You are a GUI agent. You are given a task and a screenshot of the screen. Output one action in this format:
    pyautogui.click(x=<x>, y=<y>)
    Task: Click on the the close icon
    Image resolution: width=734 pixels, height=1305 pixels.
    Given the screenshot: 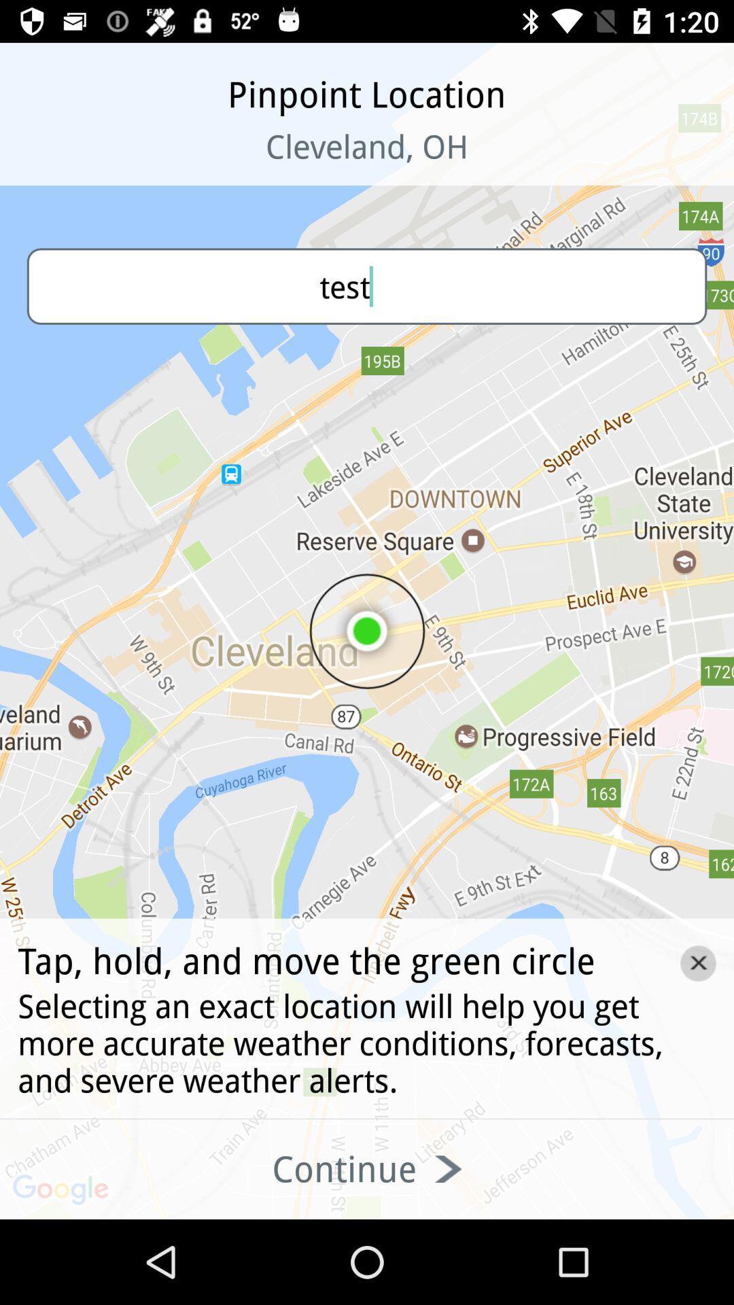 What is the action you would take?
    pyautogui.click(x=698, y=962)
    